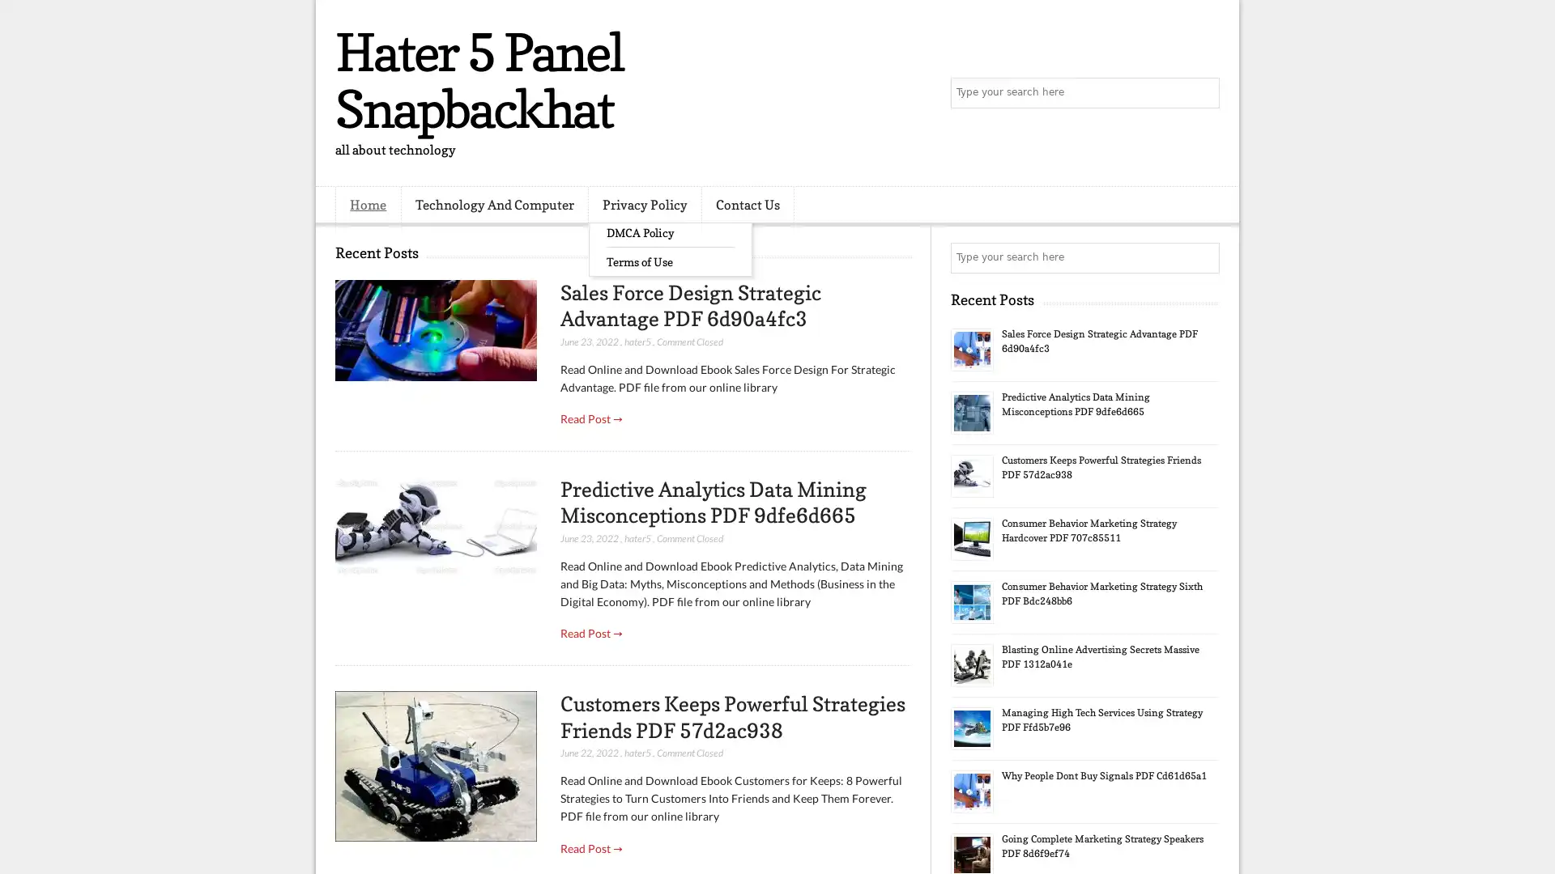  What do you see at coordinates (1203, 93) in the screenshot?
I see `Search` at bounding box center [1203, 93].